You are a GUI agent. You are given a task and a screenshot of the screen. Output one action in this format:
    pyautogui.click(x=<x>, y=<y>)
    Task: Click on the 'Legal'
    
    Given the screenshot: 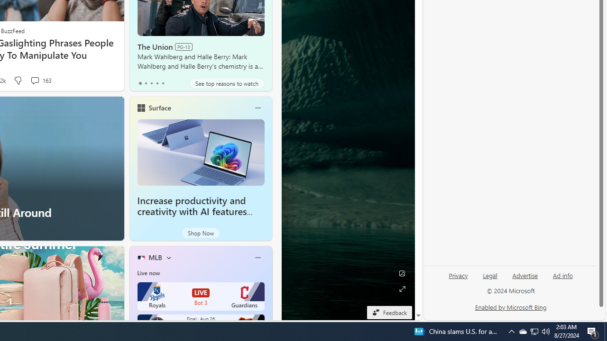 What is the action you would take?
    pyautogui.click(x=490, y=276)
    